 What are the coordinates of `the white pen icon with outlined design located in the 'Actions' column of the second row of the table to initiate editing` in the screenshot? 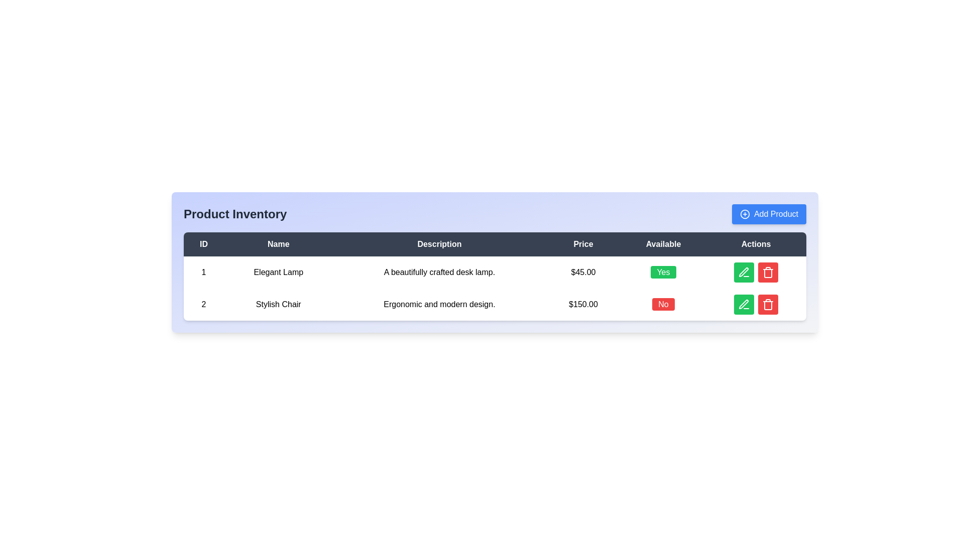 It's located at (744, 272).